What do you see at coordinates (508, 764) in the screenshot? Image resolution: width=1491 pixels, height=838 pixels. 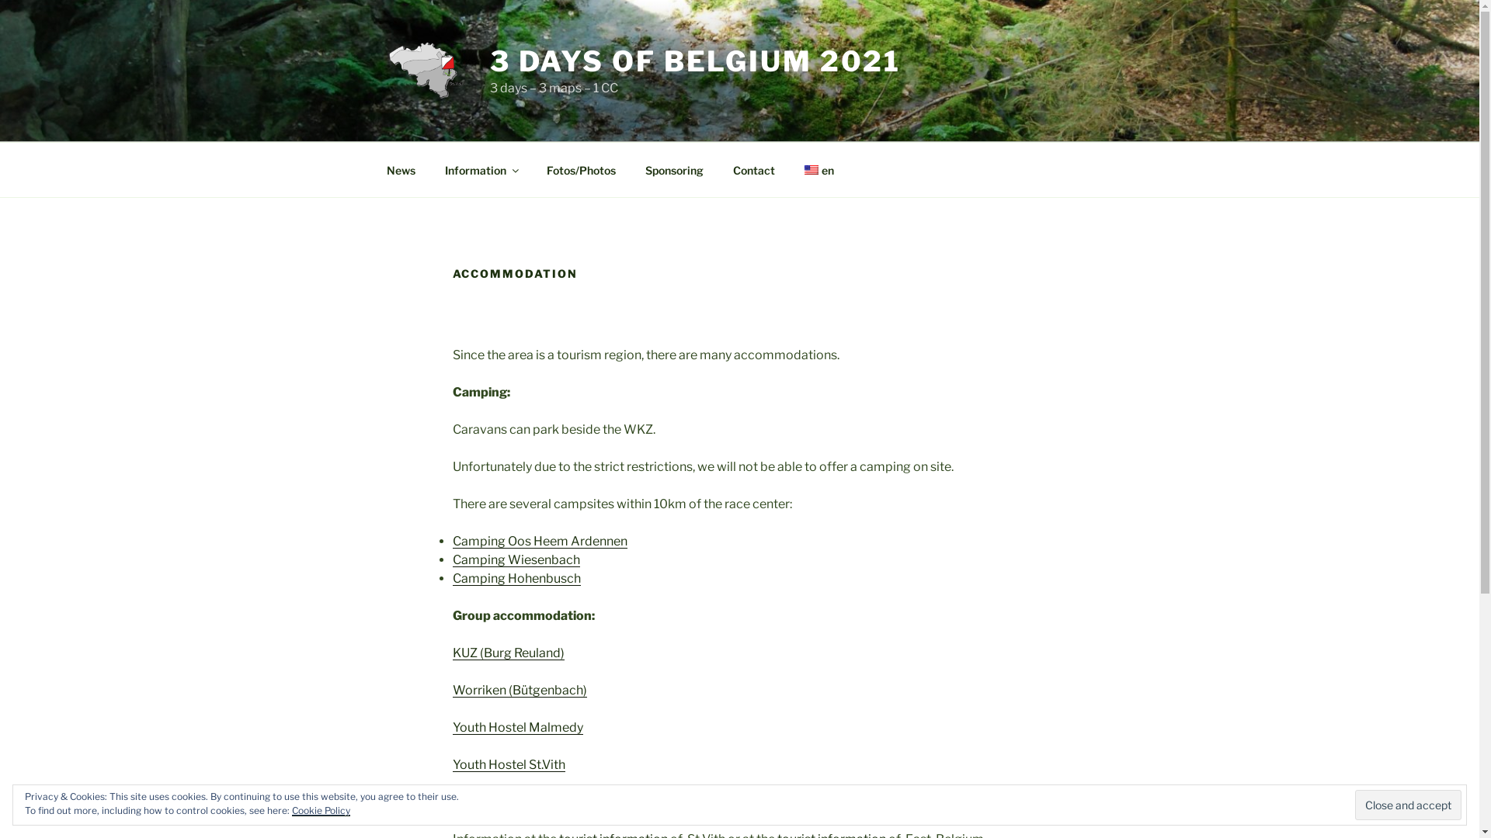 I see `'Youth Hostel St.Vith'` at bounding box center [508, 764].